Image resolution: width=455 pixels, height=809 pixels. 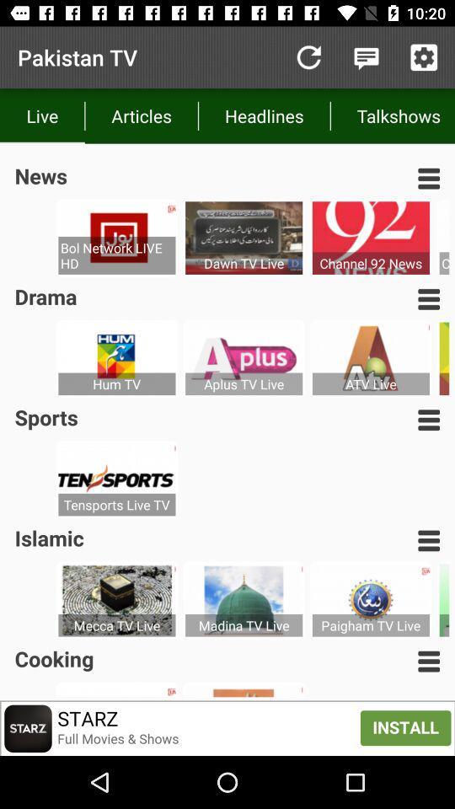 I want to click on more option, so click(x=429, y=178).